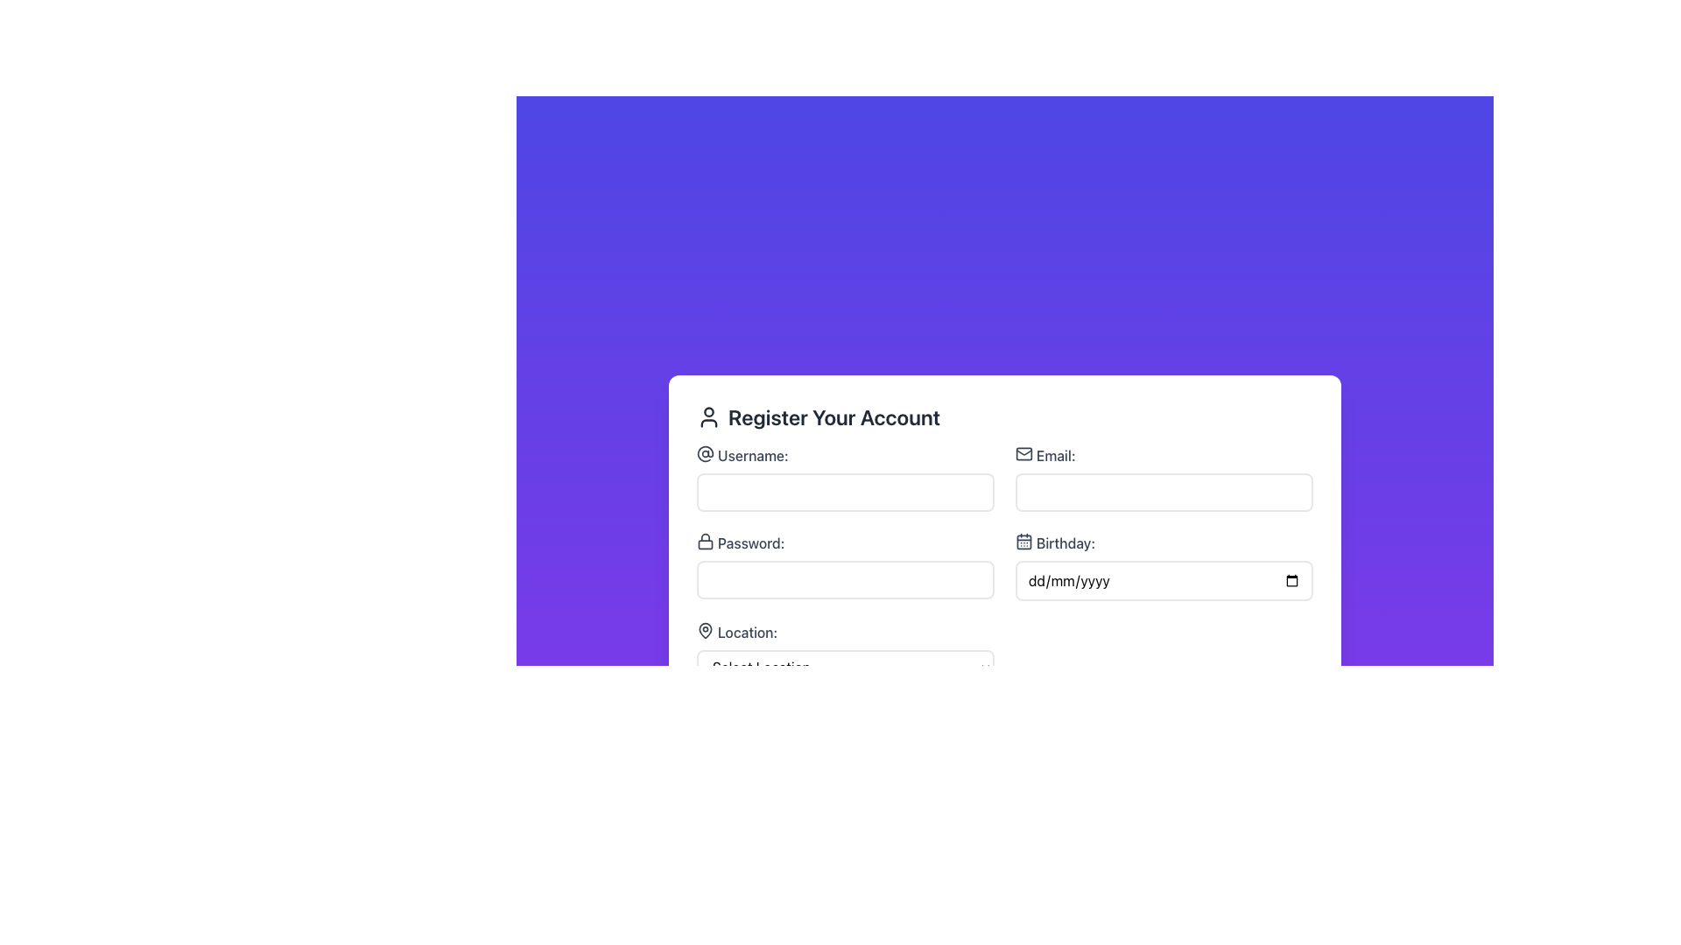  What do you see at coordinates (706, 630) in the screenshot?
I see `the location settings icon located under the 'Location' header label within the registration form, aligned to the left side of the dropdown menu` at bounding box center [706, 630].